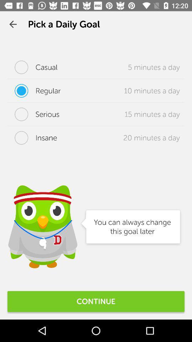 This screenshot has width=192, height=342. What do you see at coordinates (33, 90) in the screenshot?
I see `regular` at bounding box center [33, 90].